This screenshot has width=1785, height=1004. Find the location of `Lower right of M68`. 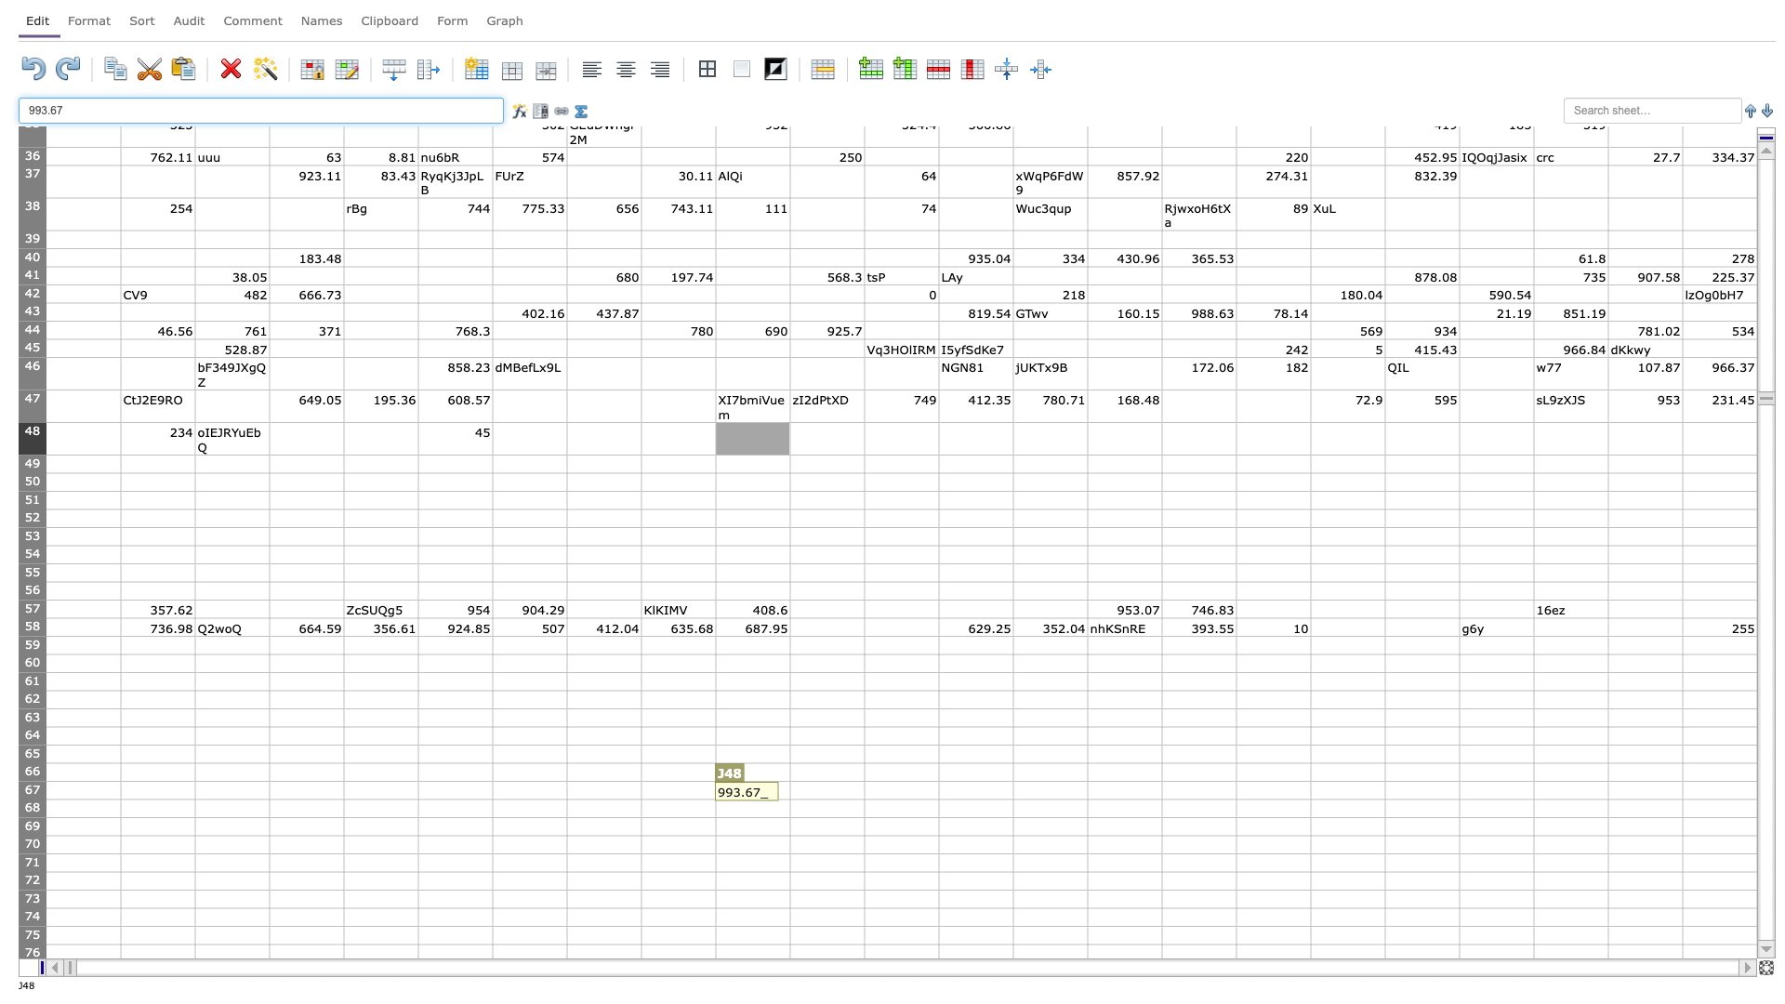

Lower right of M68 is located at coordinates (1011, 816).